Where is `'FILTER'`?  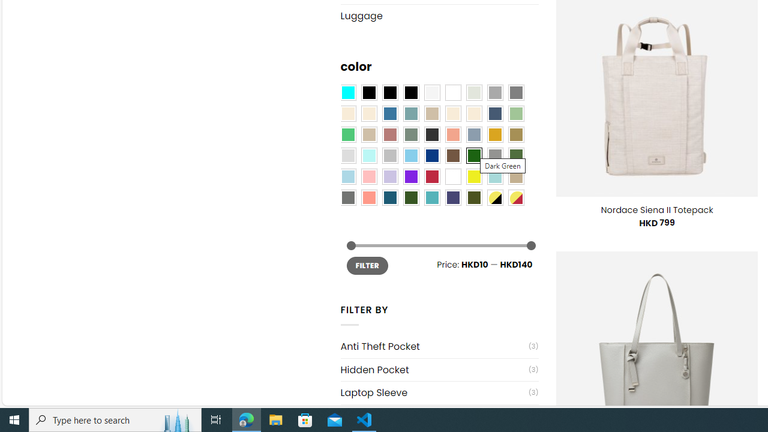
'FILTER' is located at coordinates (367, 265).